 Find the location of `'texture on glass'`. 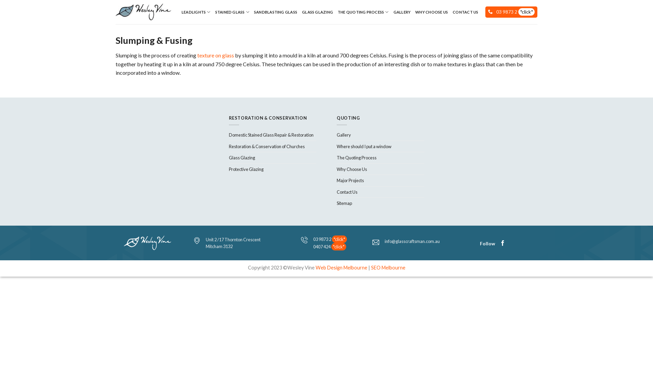

'texture on glass' is located at coordinates (215, 55).